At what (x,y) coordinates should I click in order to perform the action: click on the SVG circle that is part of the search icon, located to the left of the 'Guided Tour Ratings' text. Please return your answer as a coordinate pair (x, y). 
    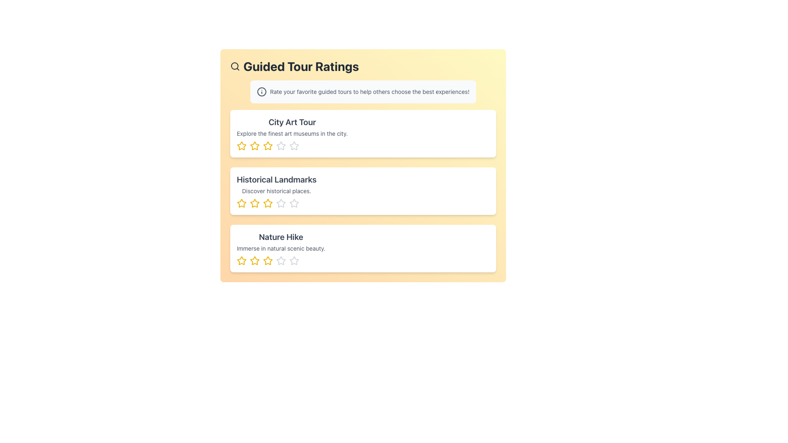
    Looking at the image, I should click on (234, 66).